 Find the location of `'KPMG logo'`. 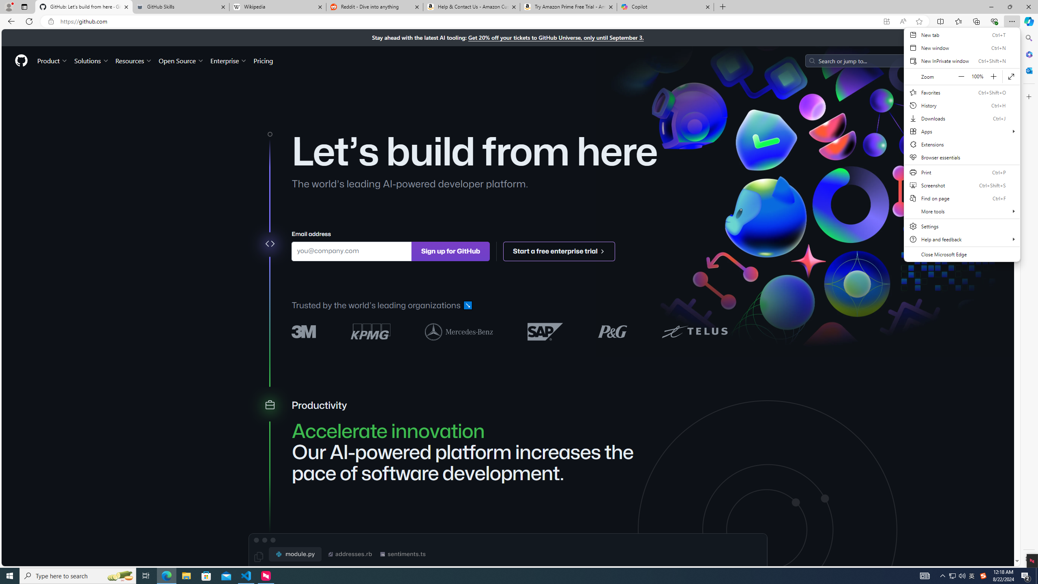

'KPMG logo' is located at coordinates (370, 331).